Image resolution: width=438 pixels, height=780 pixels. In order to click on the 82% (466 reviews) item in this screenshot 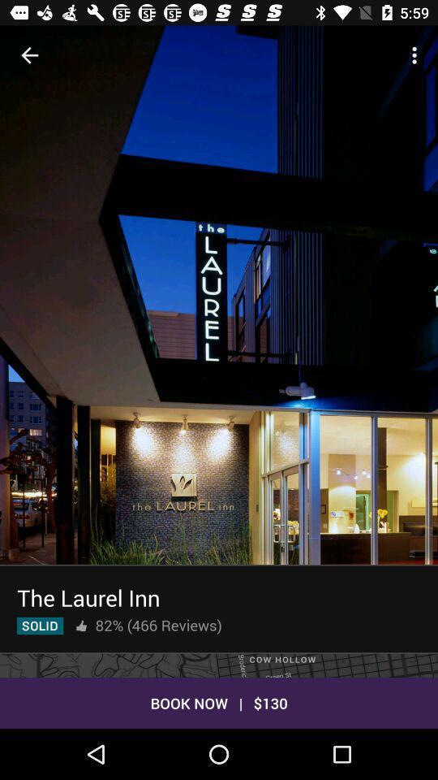, I will do `click(158, 624)`.